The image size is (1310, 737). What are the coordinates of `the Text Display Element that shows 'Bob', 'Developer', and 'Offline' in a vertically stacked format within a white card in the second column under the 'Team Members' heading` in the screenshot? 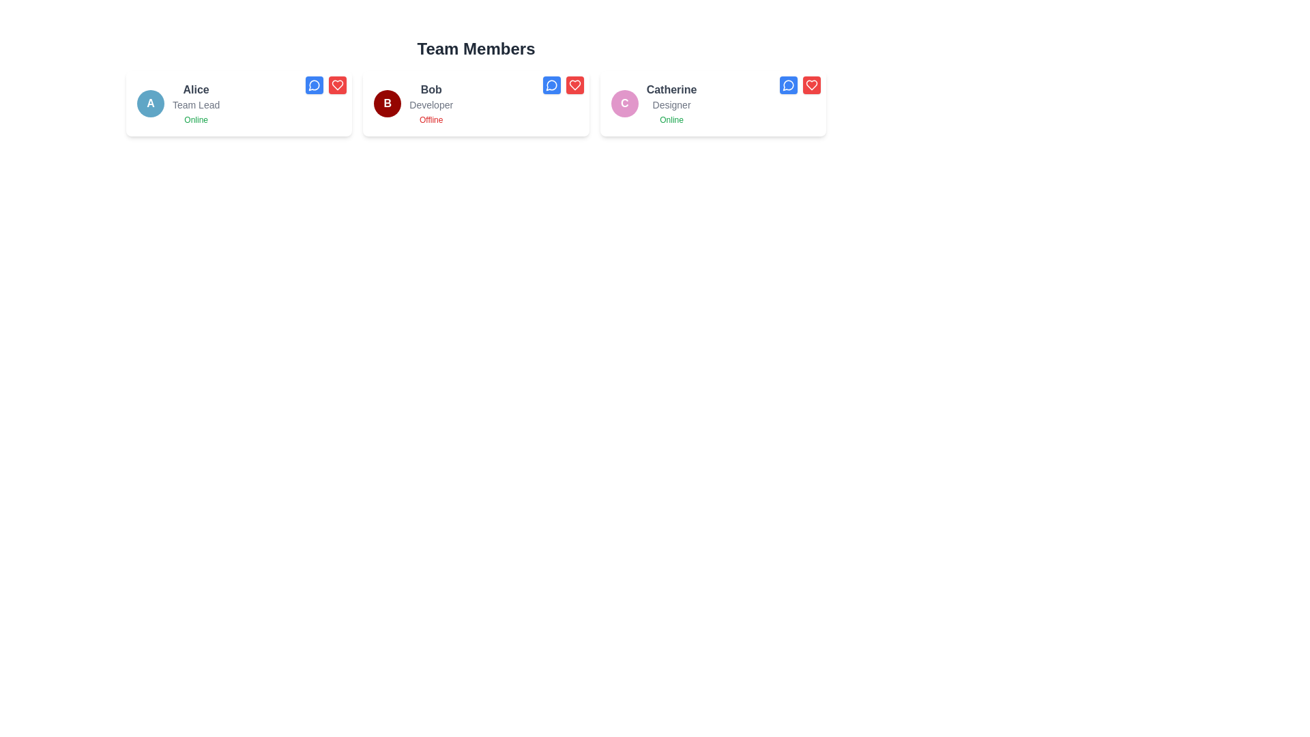 It's located at (431, 102).